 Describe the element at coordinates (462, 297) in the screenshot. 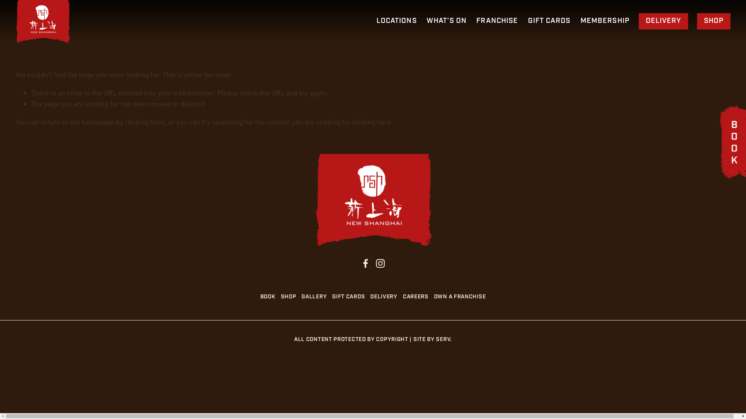

I see `'OWN A FRANCHISE'` at that location.